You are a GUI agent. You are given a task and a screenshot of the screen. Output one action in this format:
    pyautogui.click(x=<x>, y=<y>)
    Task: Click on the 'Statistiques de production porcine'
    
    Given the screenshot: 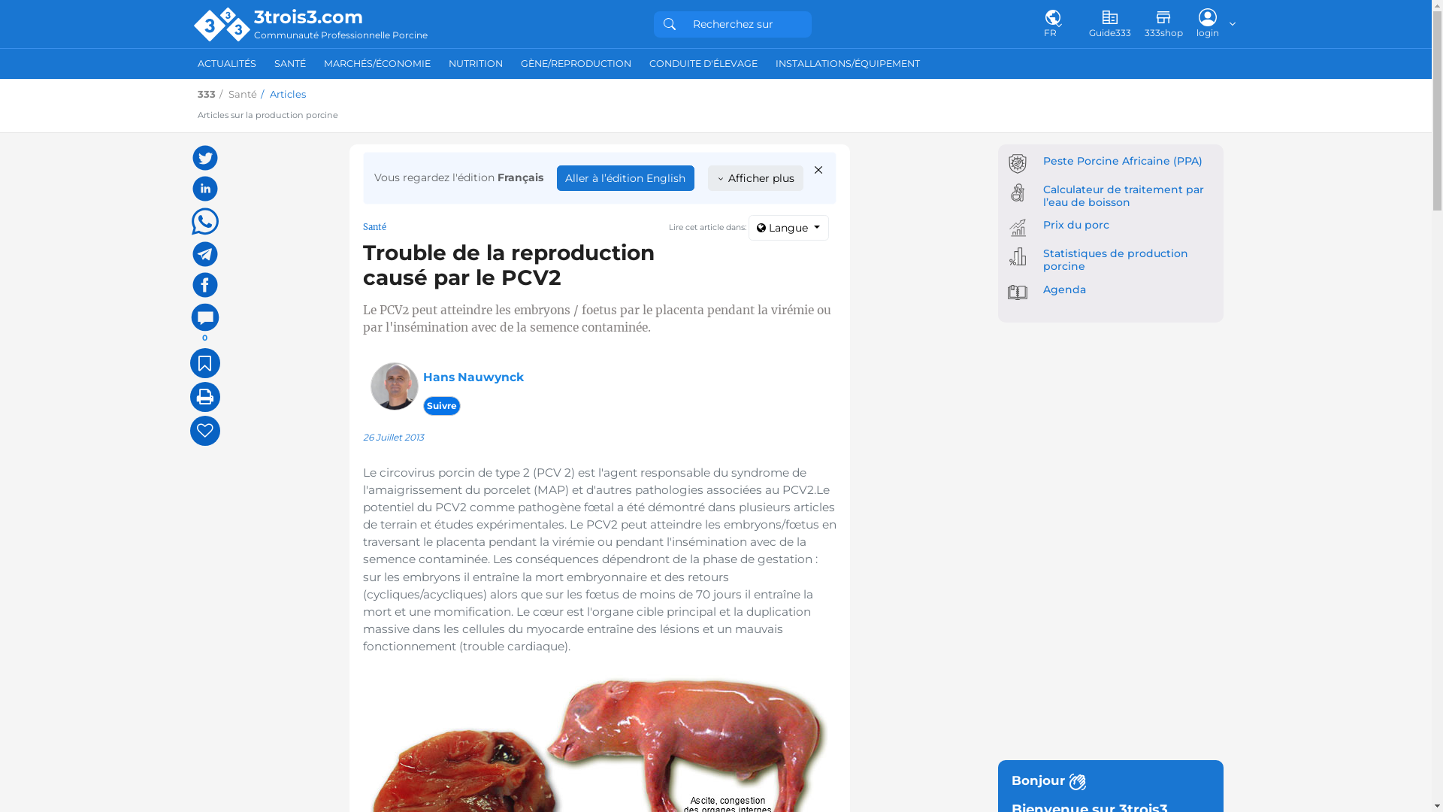 What is the action you would take?
    pyautogui.click(x=1115, y=259)
    